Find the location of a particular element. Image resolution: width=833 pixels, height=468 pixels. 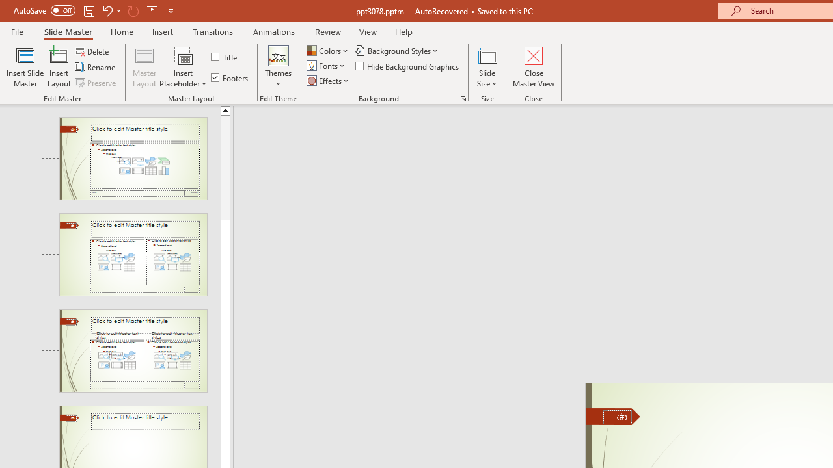

'Freeform 11' is located at coordinates (612, 416).